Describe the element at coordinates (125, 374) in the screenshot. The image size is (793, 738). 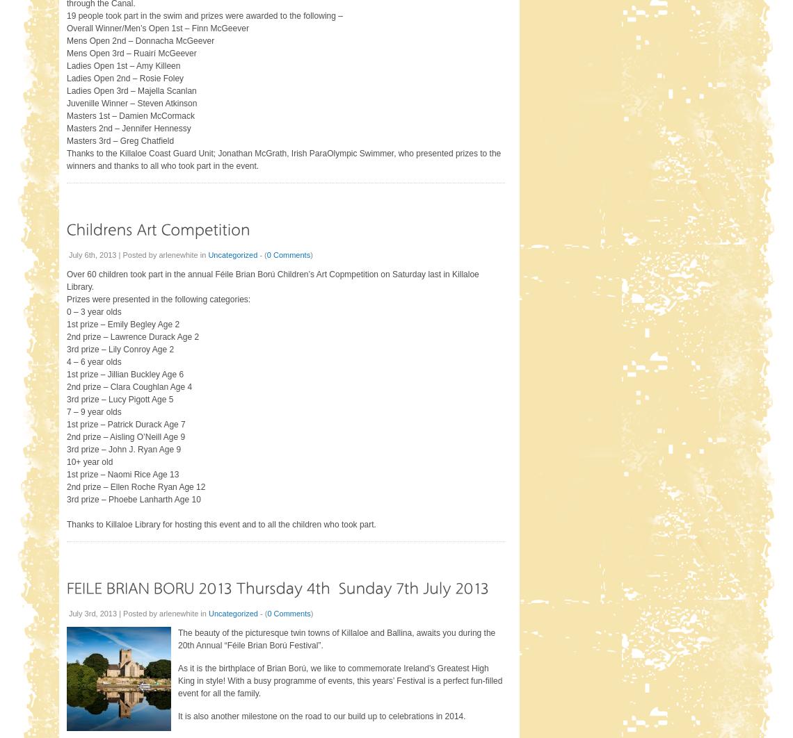
I see `'1st prize – Jillian Buckley Age 6'` at that location.